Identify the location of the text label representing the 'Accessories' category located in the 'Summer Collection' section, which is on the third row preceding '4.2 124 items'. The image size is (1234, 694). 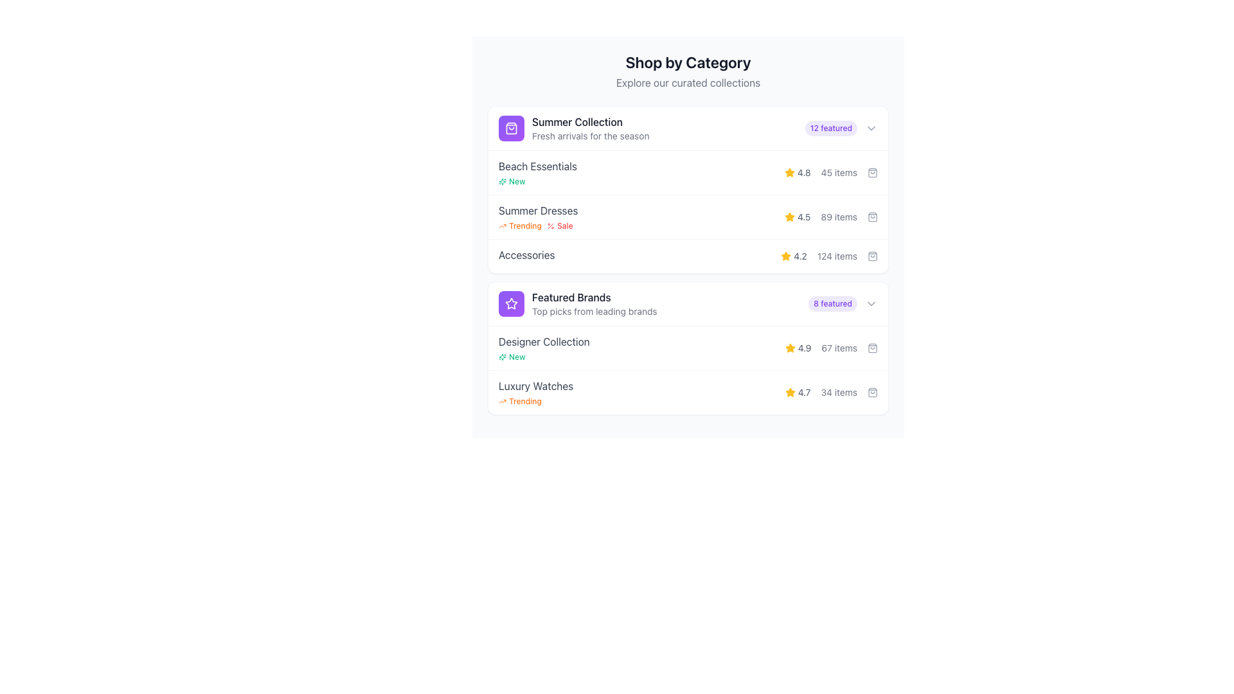
(526, 256).